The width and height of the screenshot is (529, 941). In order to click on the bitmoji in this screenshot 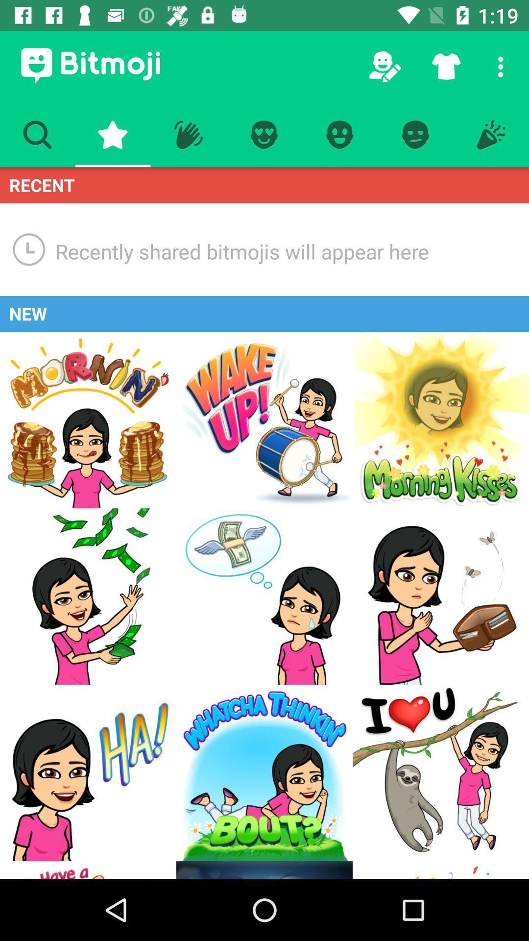, I will do `click(88, 870)`.